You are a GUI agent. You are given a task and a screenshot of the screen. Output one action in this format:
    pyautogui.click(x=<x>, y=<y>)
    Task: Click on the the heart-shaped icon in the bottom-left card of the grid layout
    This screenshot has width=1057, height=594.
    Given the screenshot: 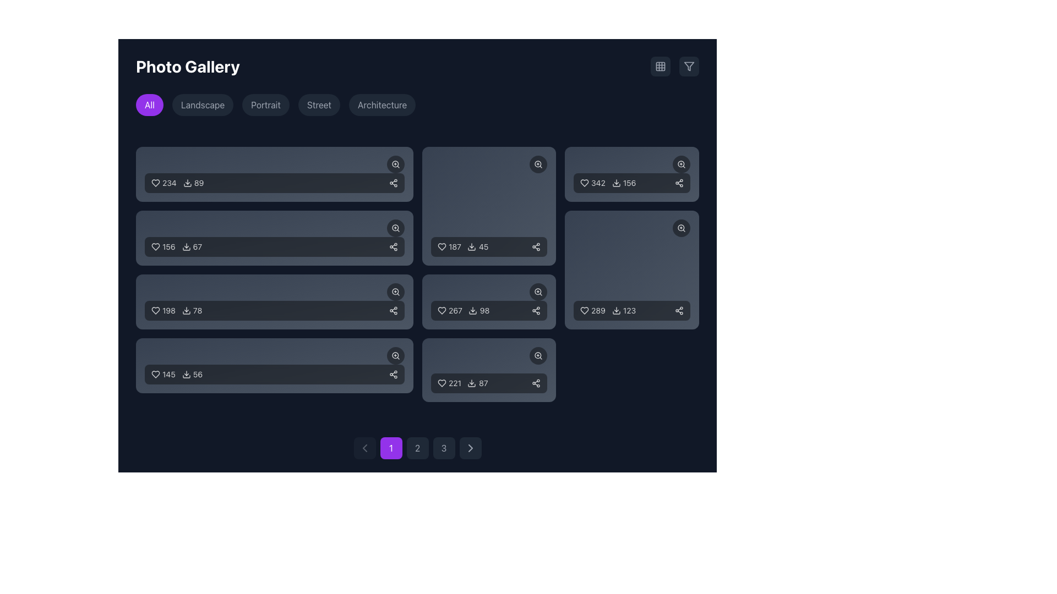 What is the action you would take?
    pyautogui.click(x=155, y=374)
    